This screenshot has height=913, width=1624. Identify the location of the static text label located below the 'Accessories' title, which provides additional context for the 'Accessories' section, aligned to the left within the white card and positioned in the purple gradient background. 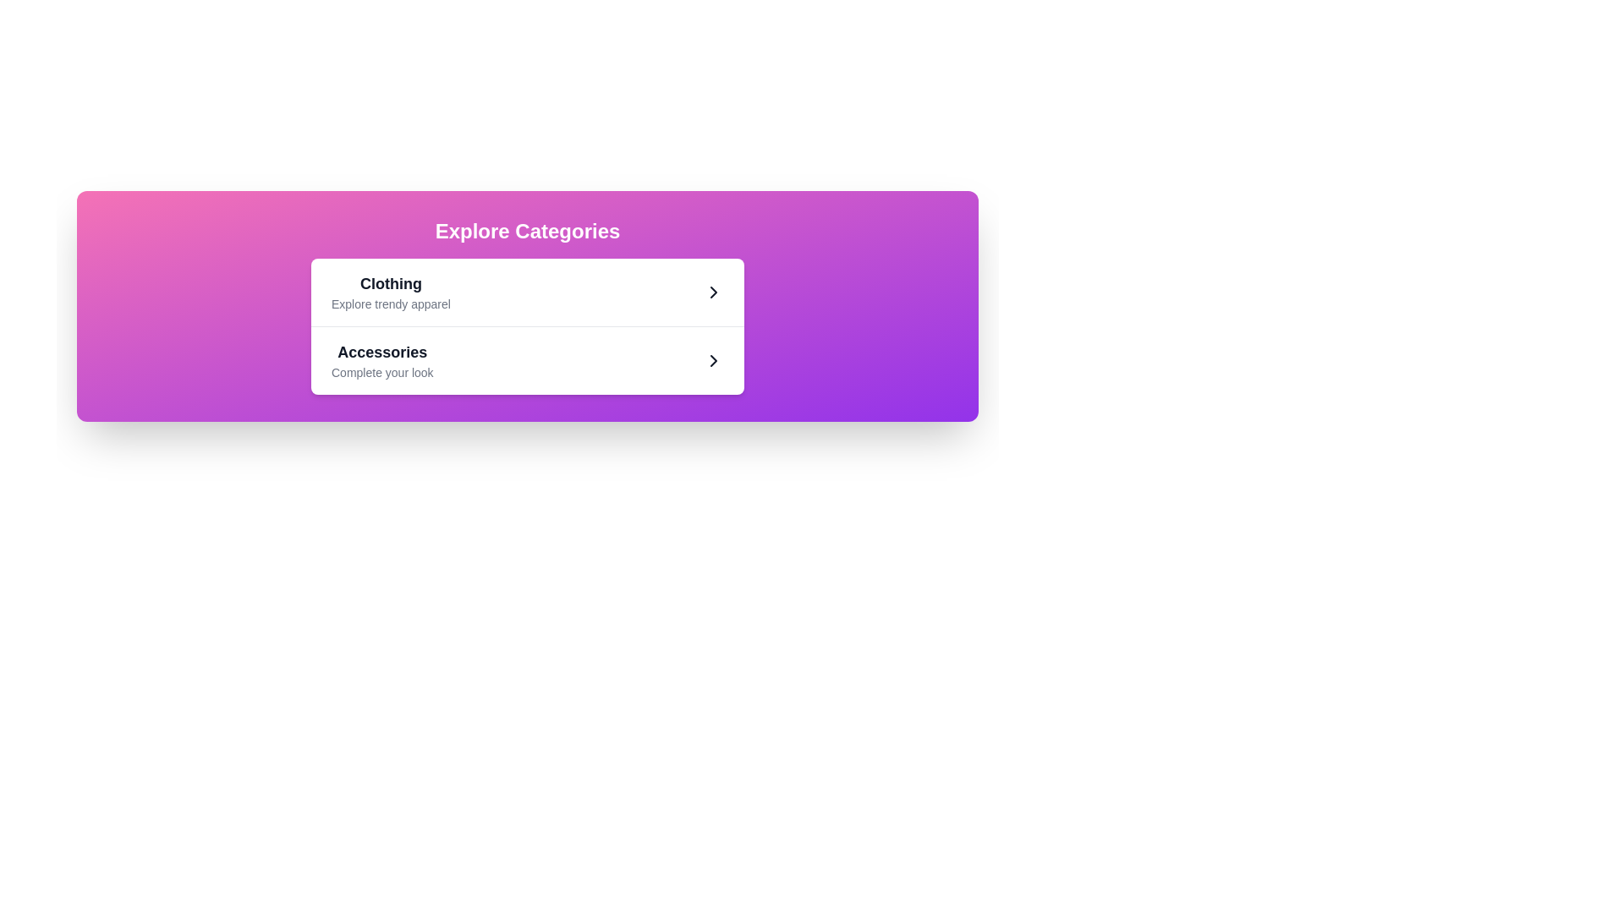
(381, 371).